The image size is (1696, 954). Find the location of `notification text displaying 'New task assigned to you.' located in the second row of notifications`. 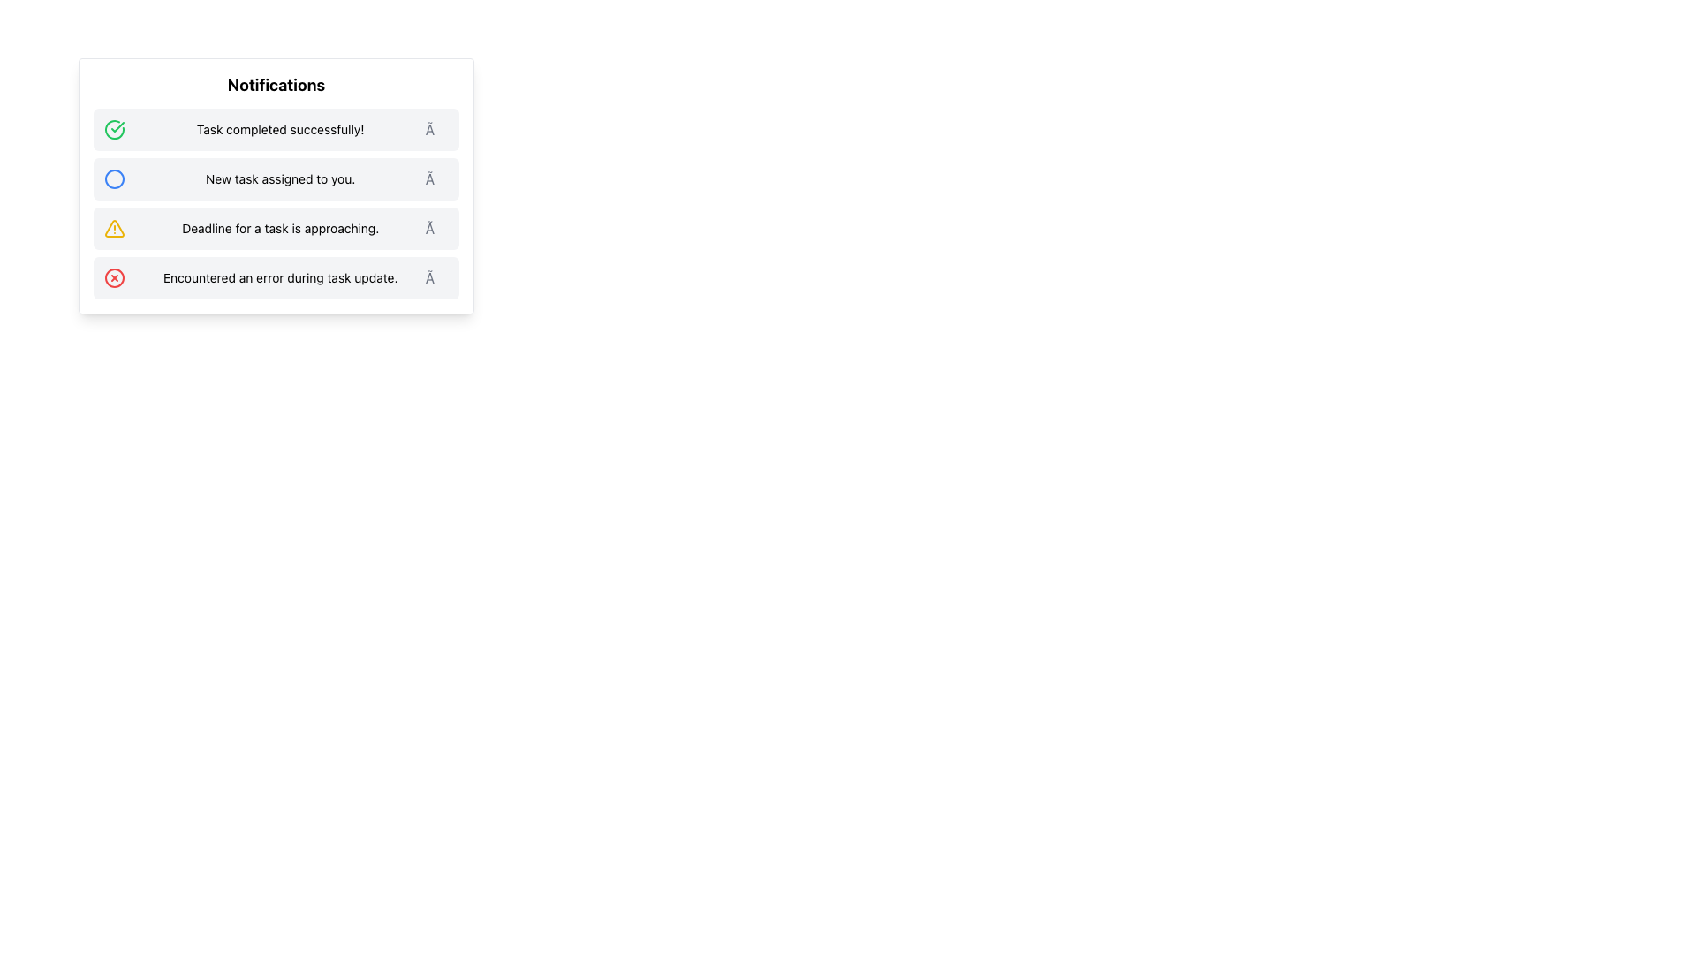

notification text displaying 'New task assigned to you.' located in the second row of notifications is located at coordinates (279, 179).